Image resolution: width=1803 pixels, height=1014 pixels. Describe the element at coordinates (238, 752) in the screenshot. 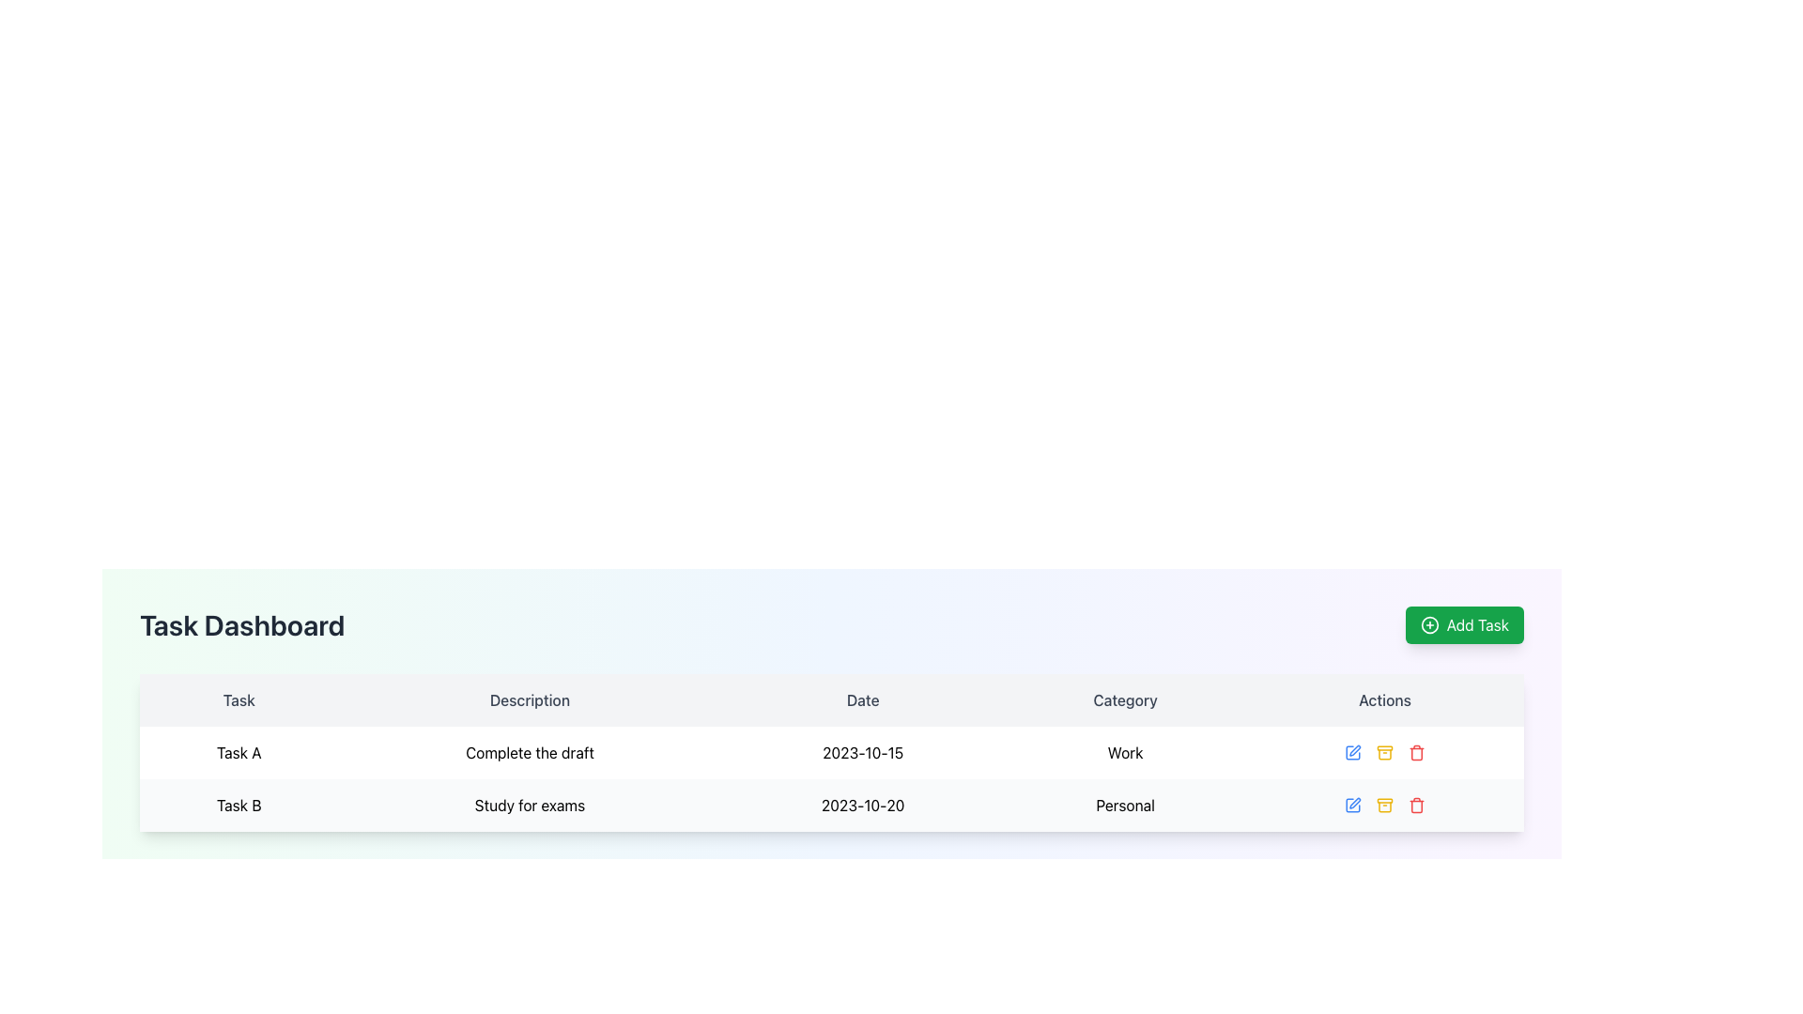

I see `the Text Label indicating the title or name of a task` at that location.